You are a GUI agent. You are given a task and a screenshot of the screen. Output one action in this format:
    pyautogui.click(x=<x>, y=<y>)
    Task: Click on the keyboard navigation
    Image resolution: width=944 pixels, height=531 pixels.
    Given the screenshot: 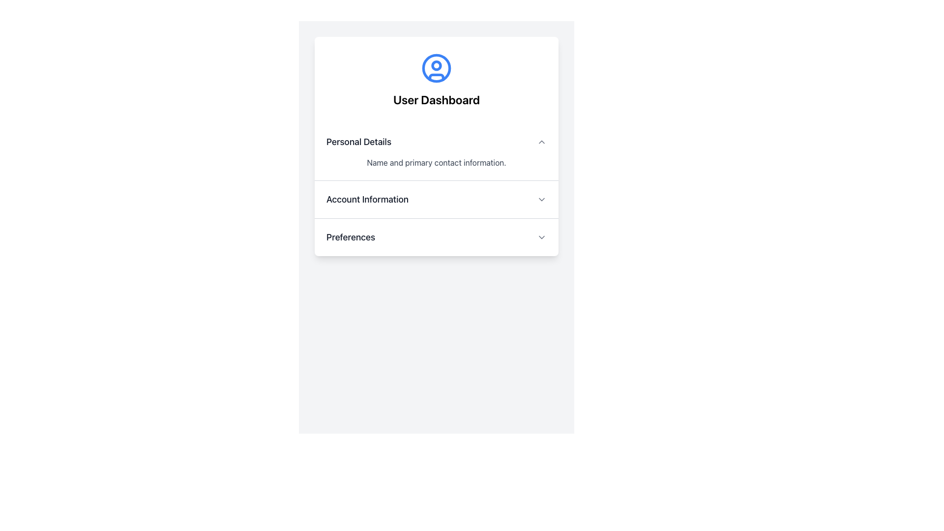 What is the action you would take?
    pyautogui.click(x=541, y=199)
    